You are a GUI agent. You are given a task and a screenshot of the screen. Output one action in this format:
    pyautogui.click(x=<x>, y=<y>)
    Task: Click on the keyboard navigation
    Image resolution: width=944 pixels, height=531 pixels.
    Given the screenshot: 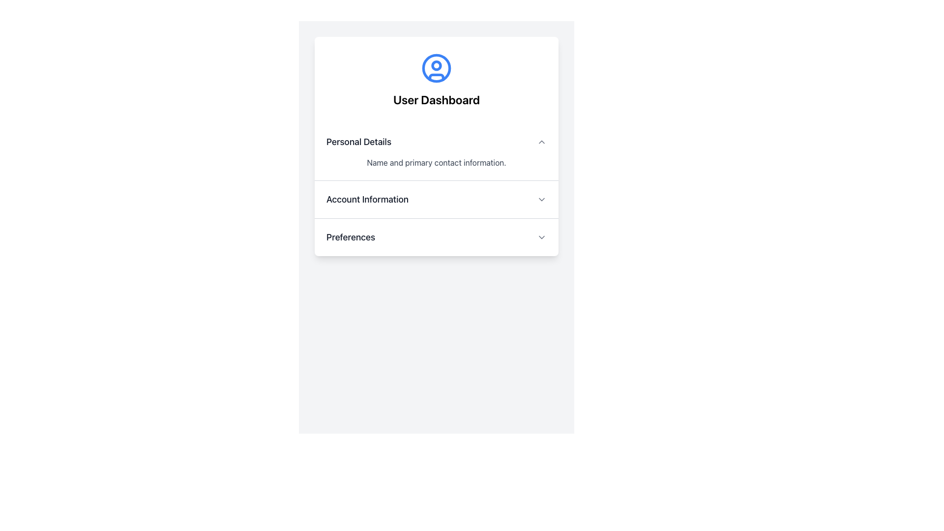 What is the action you would take?
    pyautogui.click(x=541, y=199)
    